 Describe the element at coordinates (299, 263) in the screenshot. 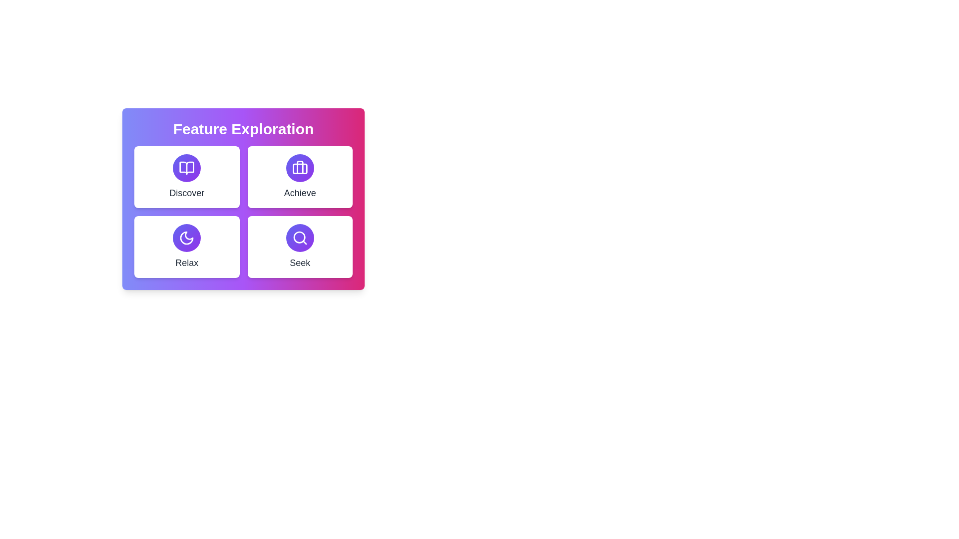

I see `static text label displaying 'Seek', located in the bottom-right quadrant of a grid layout beneath a magnifying glass icon` at that location.